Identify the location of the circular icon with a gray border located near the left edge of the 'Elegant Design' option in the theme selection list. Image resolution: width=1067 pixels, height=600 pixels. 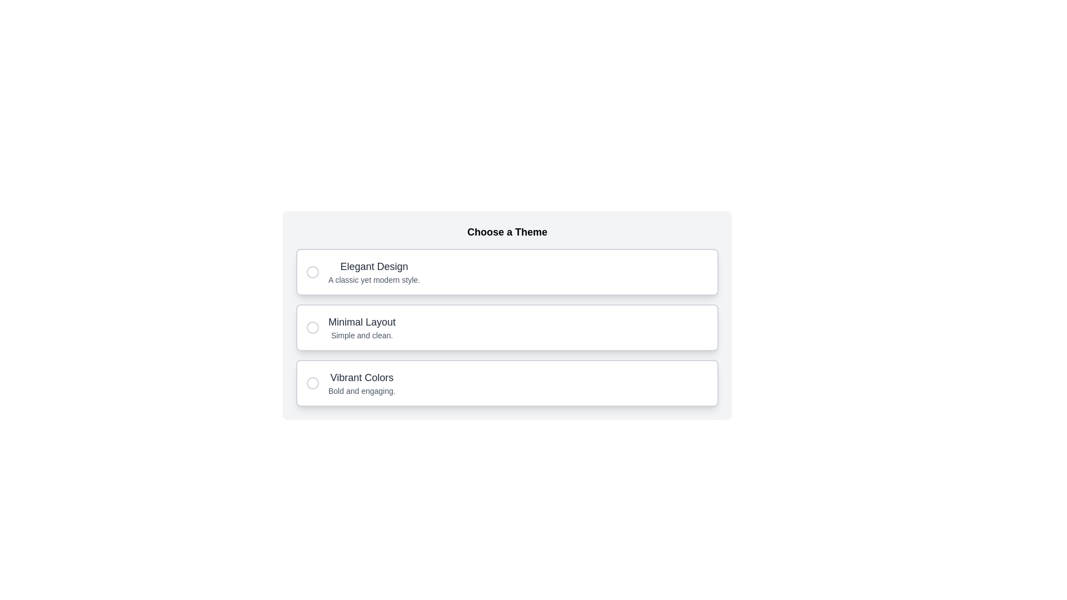
(312, 272).